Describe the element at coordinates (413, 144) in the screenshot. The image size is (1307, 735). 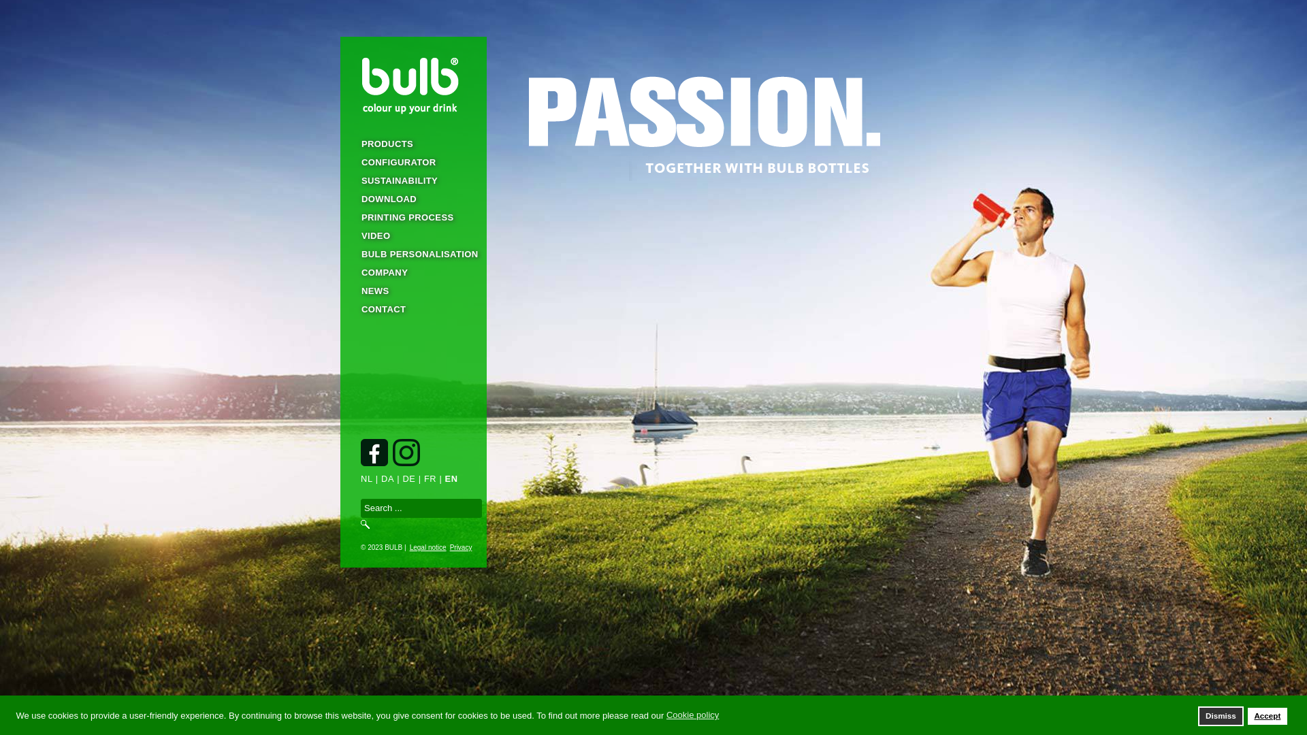
I see `'PRODUCTS'` at that location.